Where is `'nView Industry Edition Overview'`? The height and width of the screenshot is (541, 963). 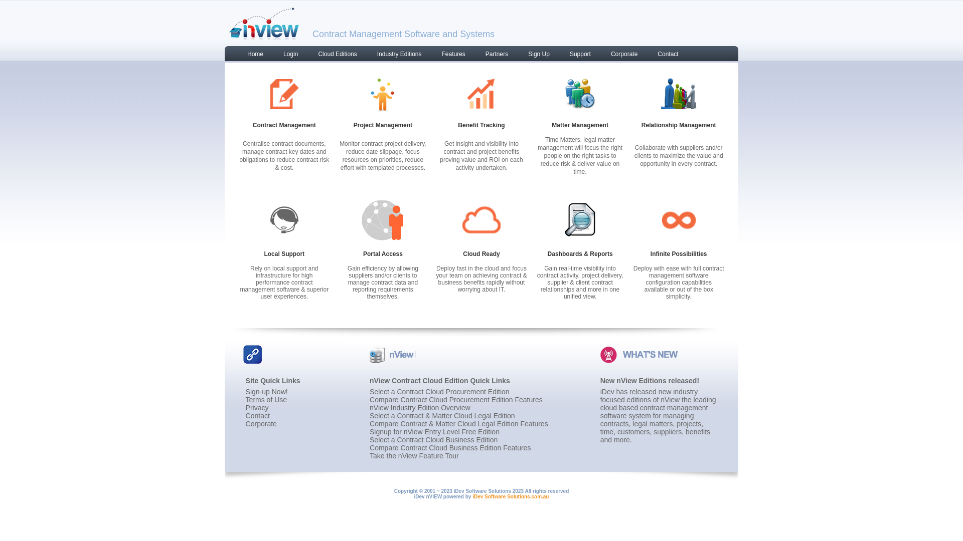 'nView Industry Edition Overview' is located at coordinates (420, 407).